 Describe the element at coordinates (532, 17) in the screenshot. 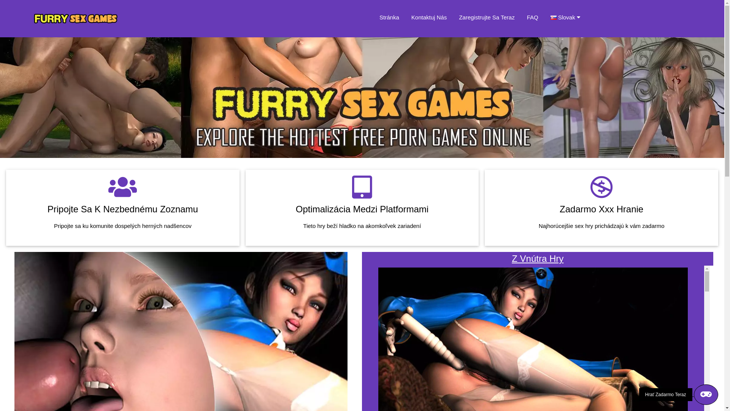

I see `'FAQ'` at that location.